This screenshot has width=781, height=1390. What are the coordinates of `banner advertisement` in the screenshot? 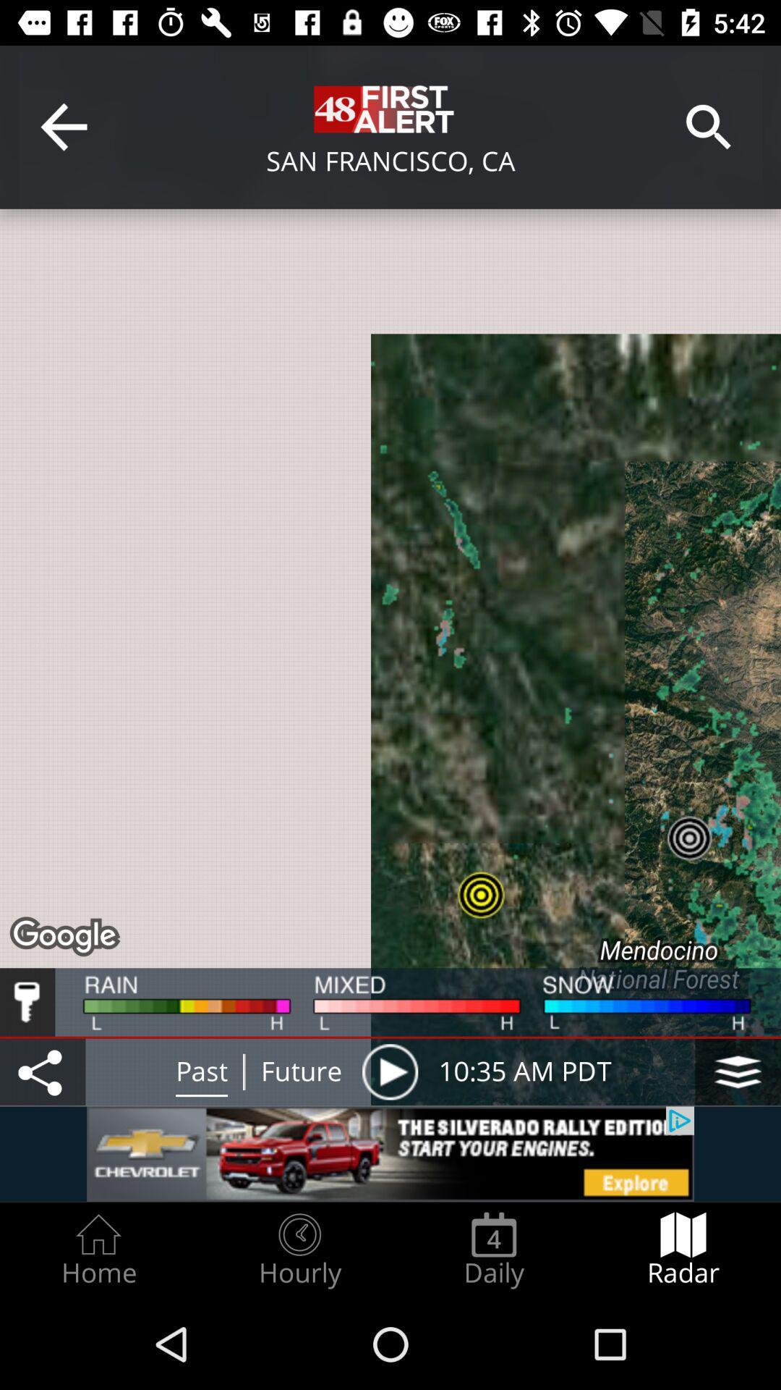 It's located at (390, 1153).